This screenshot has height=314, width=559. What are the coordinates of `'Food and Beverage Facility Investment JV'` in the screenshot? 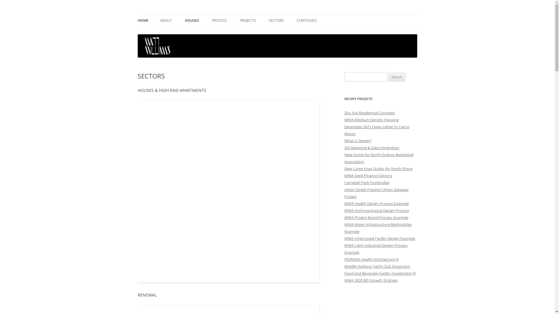 It's located at (380, 273).